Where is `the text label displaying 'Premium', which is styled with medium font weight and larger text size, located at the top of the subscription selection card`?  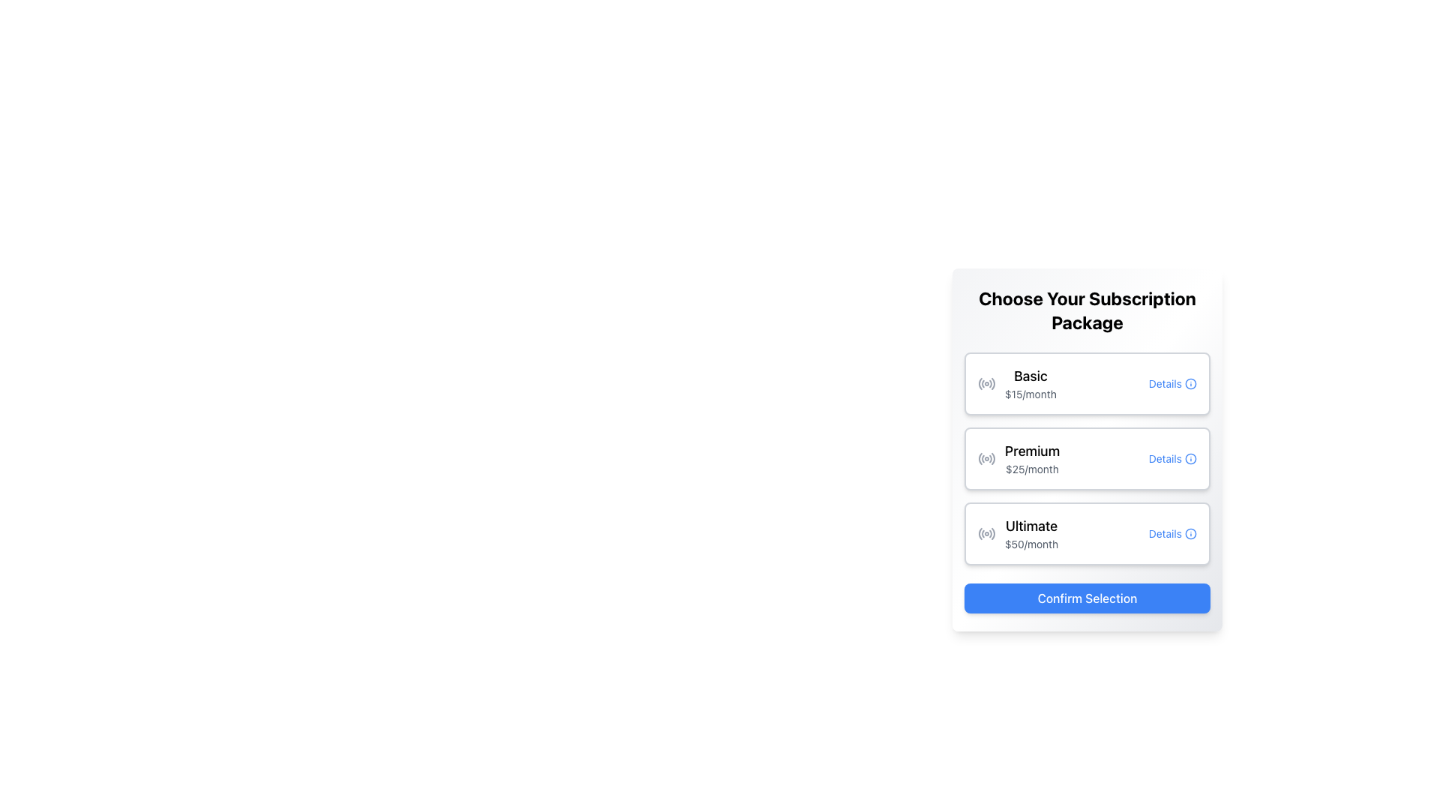
the text label displaying 'Premium', which is styled with medium font weight and larger text size, located at the top of the subscription selection card is located at coordinates (1031, 450).